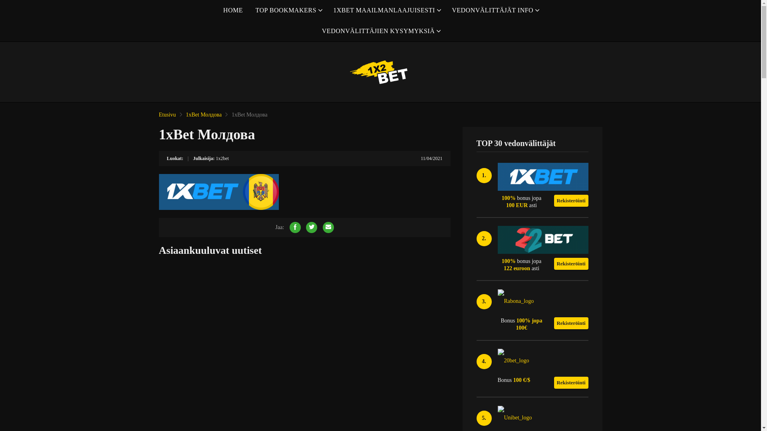 The image size is (767, 431). What do you see at coordinates (295, 227) in the screenshot?
I see `'Share on Facebook'` at bounding box center [295, 227].